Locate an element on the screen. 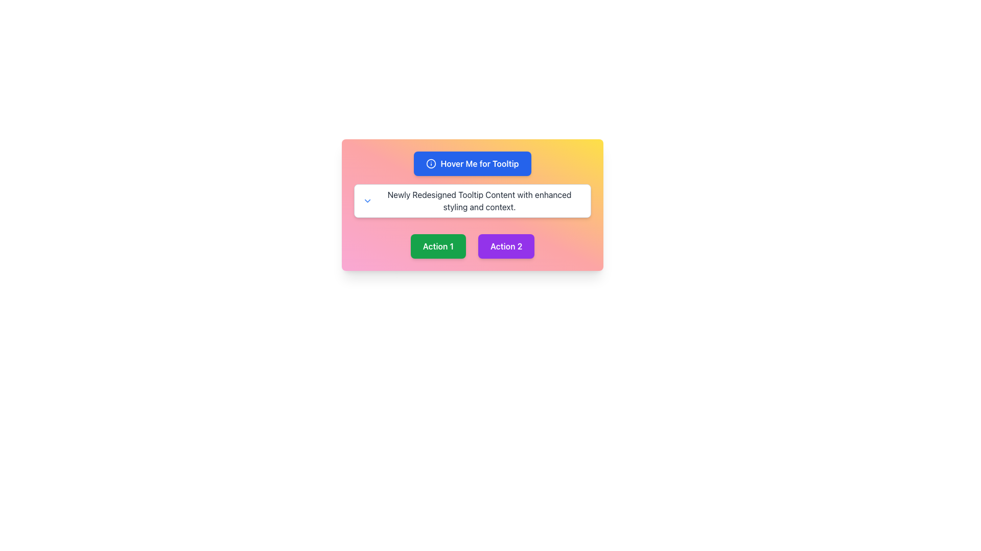  the icon located inside the blue button labeled 'Hover Me for Tooltip', which provides additional information upon user interaction is located at coordinates (431, 163).